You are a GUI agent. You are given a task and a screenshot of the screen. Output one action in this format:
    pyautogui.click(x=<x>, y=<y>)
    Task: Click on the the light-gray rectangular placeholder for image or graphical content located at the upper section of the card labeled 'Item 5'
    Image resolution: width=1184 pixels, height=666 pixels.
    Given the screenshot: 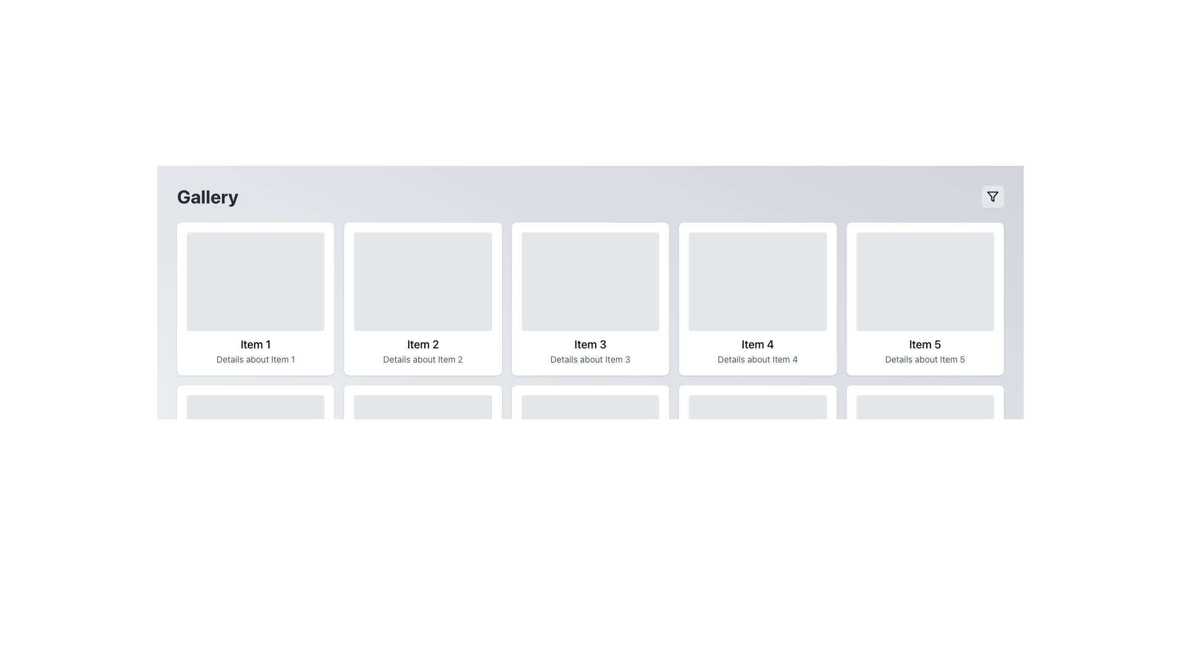 What is the action you would take?
    pyautogui.click(x=925, y=281)
    